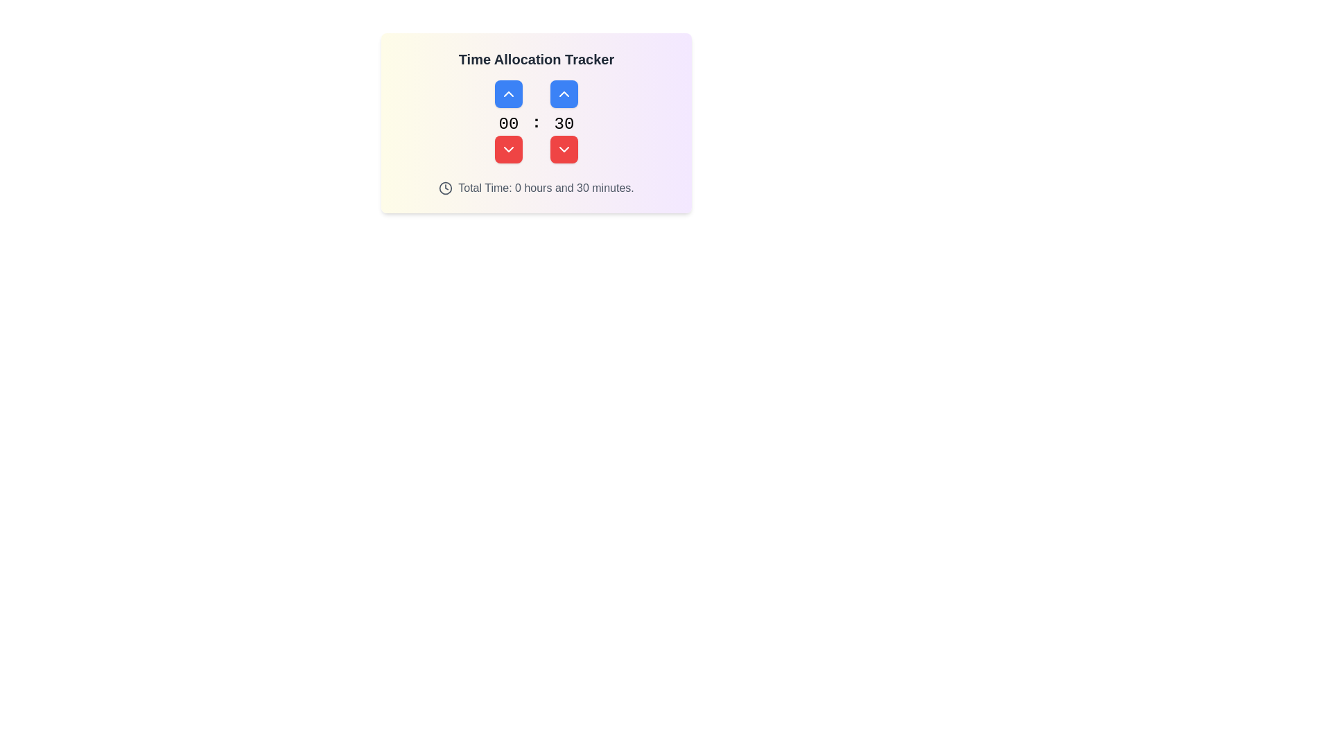 Image resolution: width=1331 pixels, height=748 pixels. What do you see at coordinates (508, 150) in the screenshot?
I see `the chevron-down icon located within the red button at the bottom-left of the main interactive area to decrement the time value` at bounding box center [508, 150].